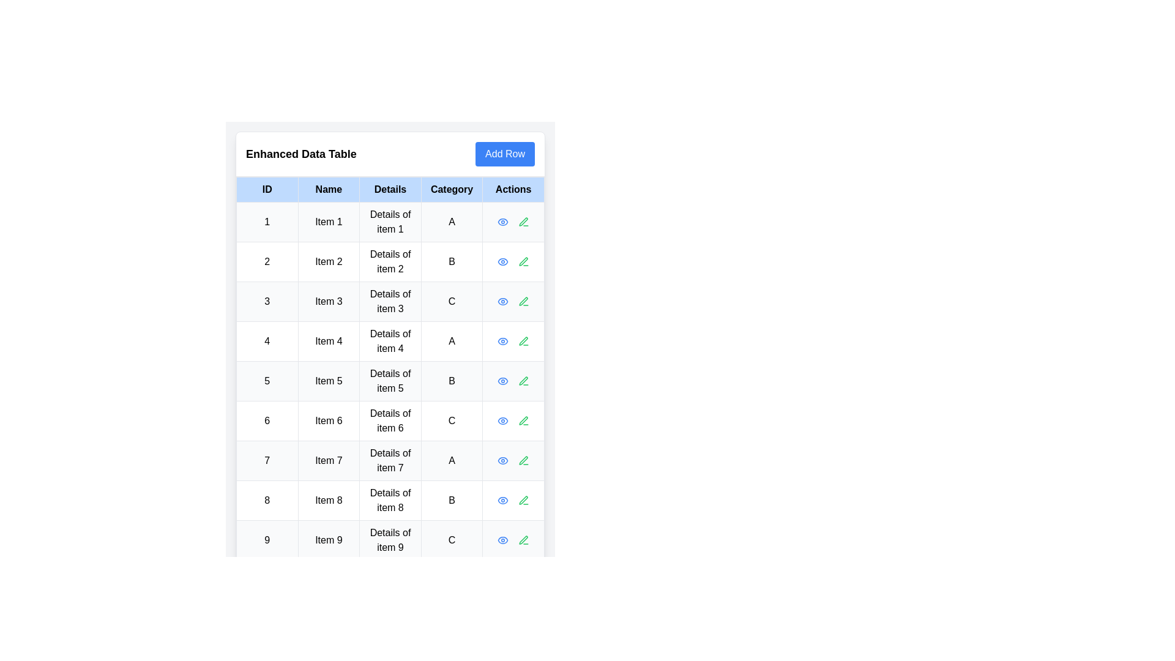  I want to click on the edit button located in the 'Actions' column of the fourth row in the data table, so click(524, 342).